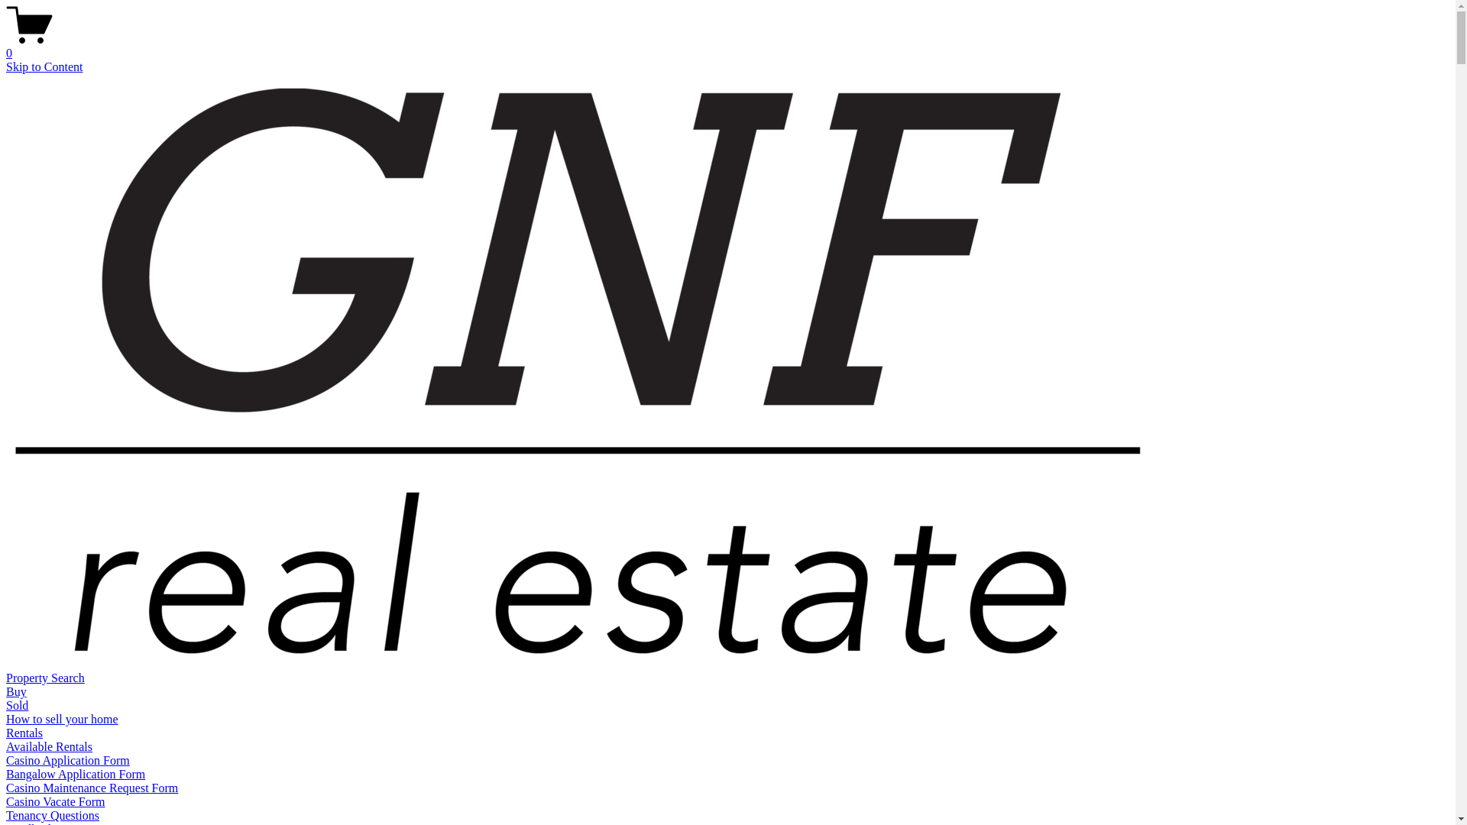  I want to click on 'Skip to Content', so click(44, 66).